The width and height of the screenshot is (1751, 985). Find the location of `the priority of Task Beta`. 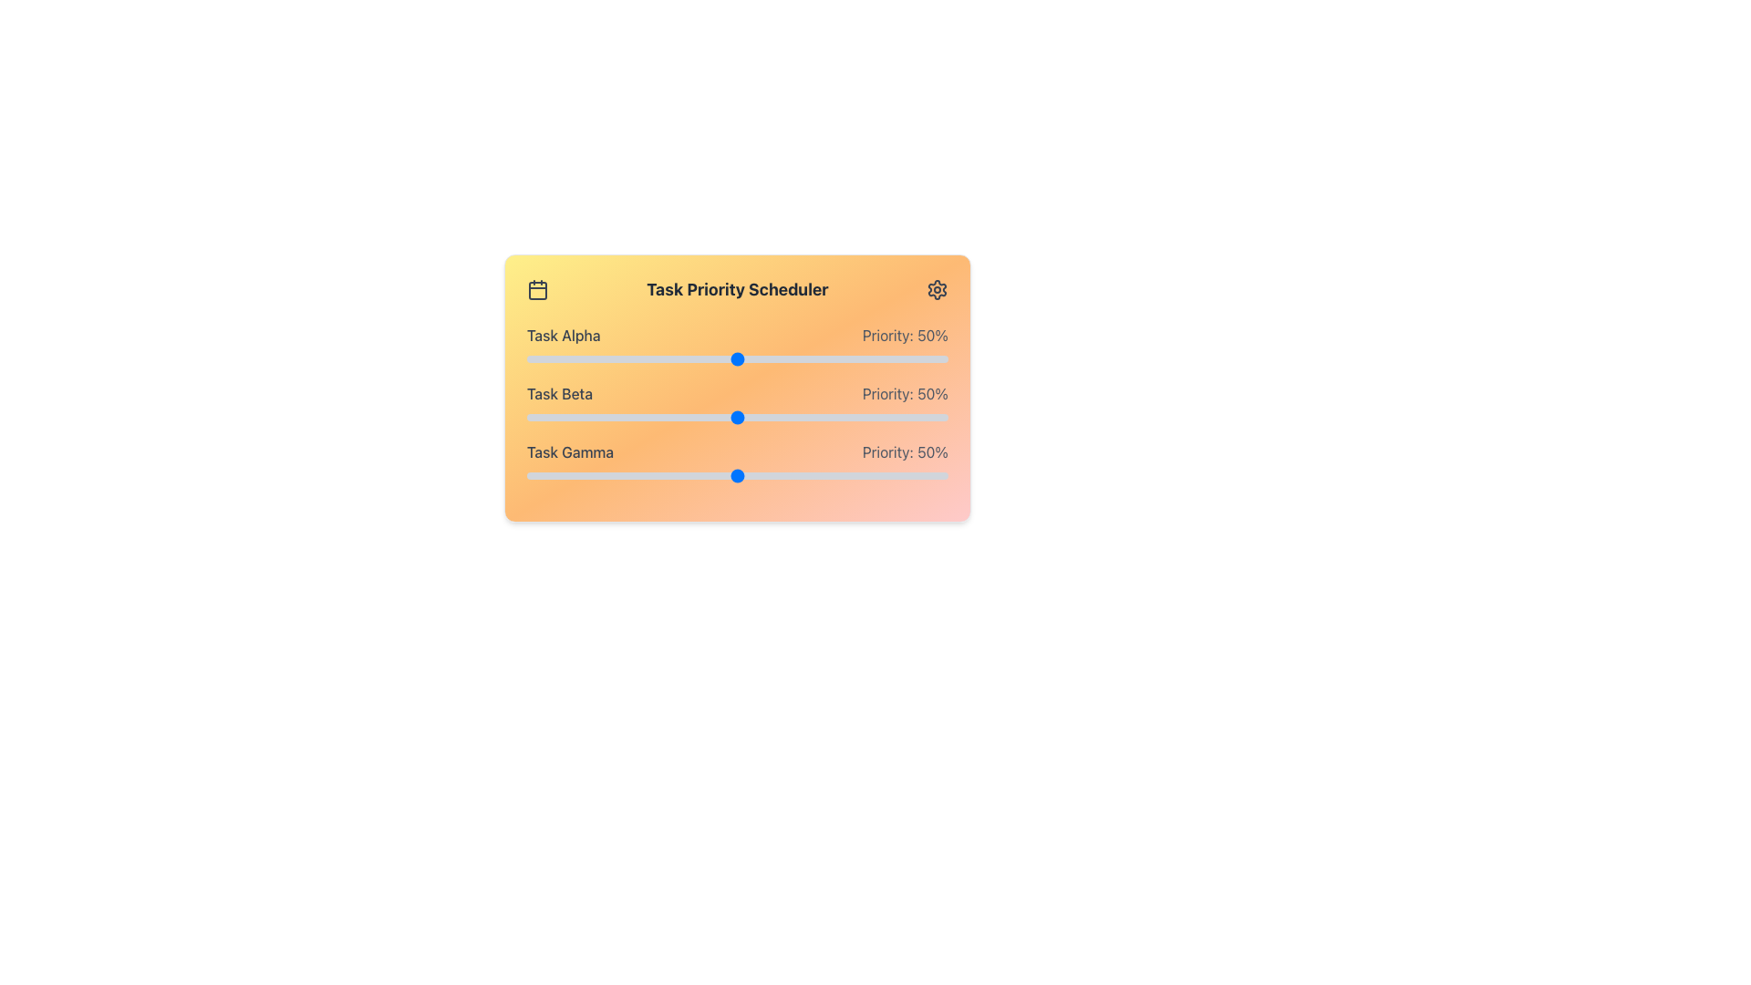

the priority of Task Beta is located at coordinates (590, 418).